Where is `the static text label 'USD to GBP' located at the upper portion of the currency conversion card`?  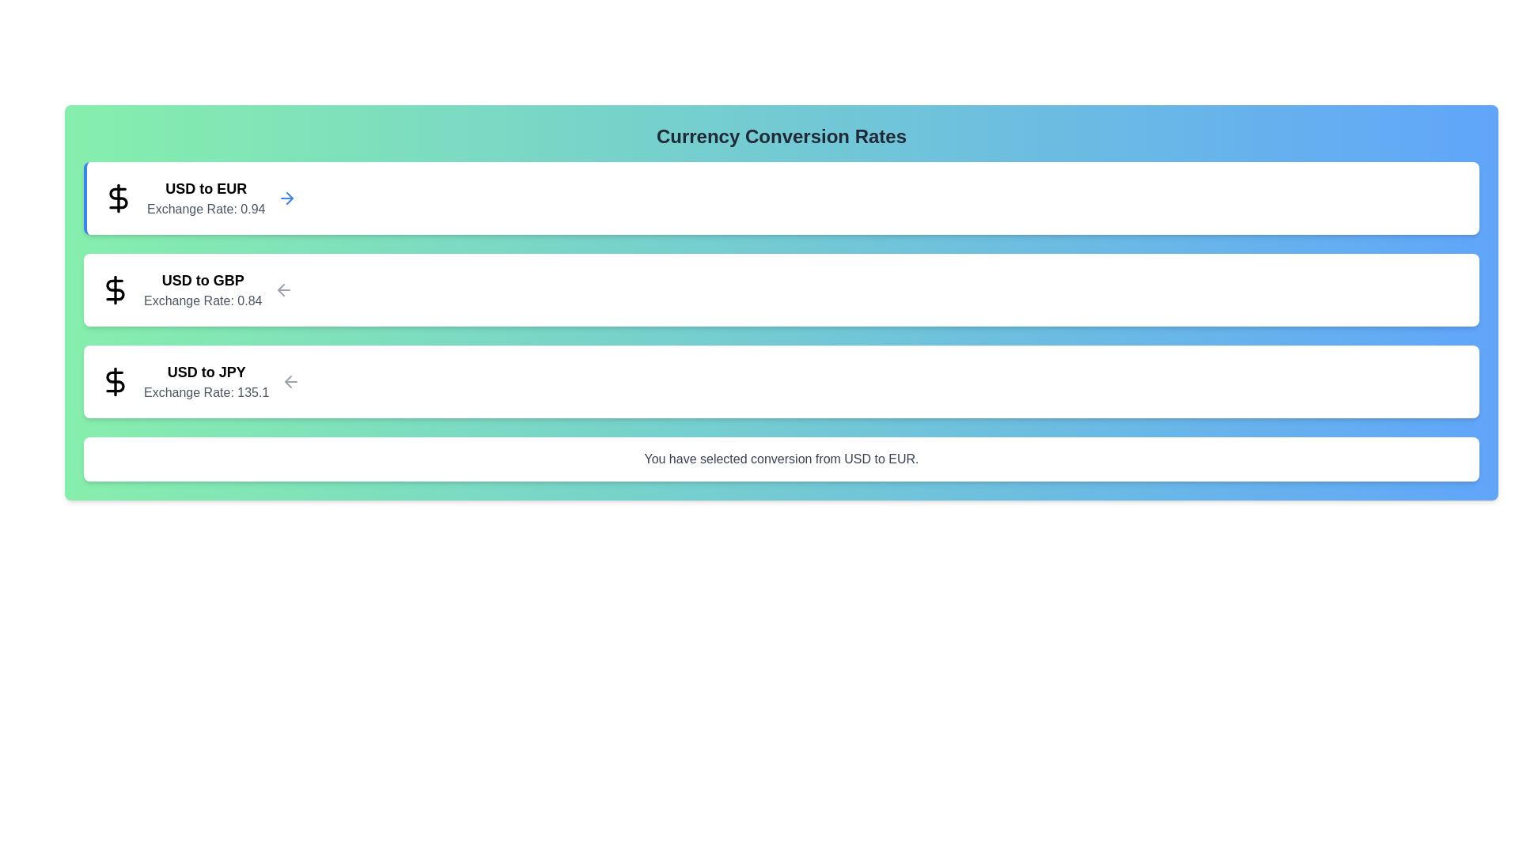 the static text label 'USD to GBP' located at the upper portion of the currency conversion card is located at coordinates (202, 279).